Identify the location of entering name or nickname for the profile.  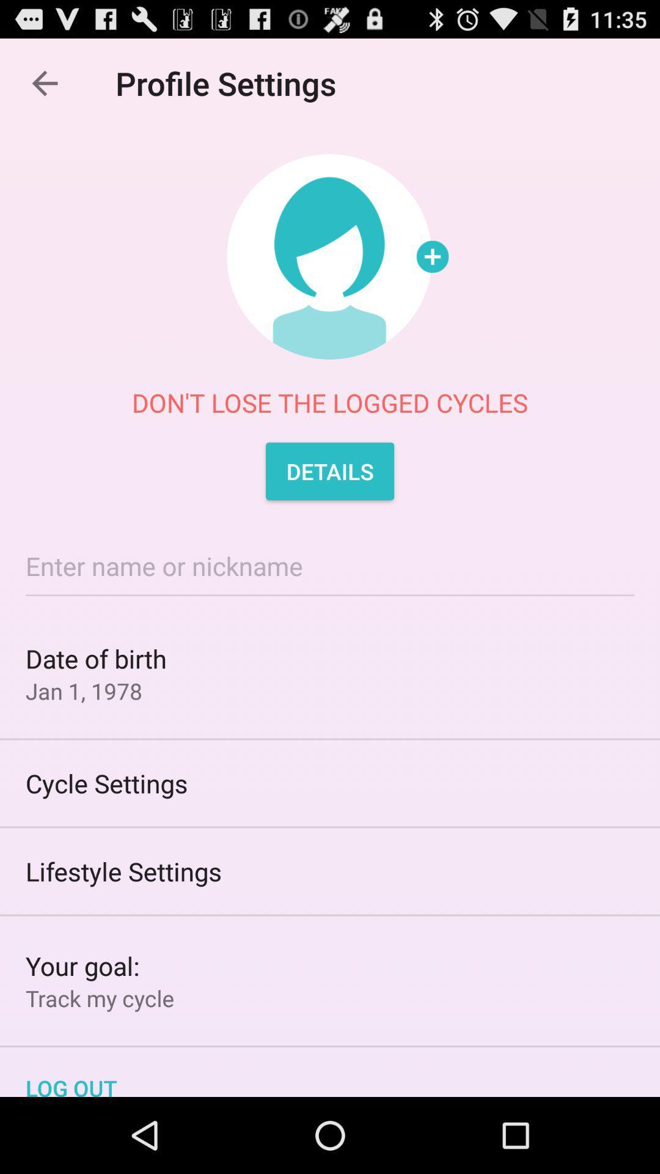
(330, 565).